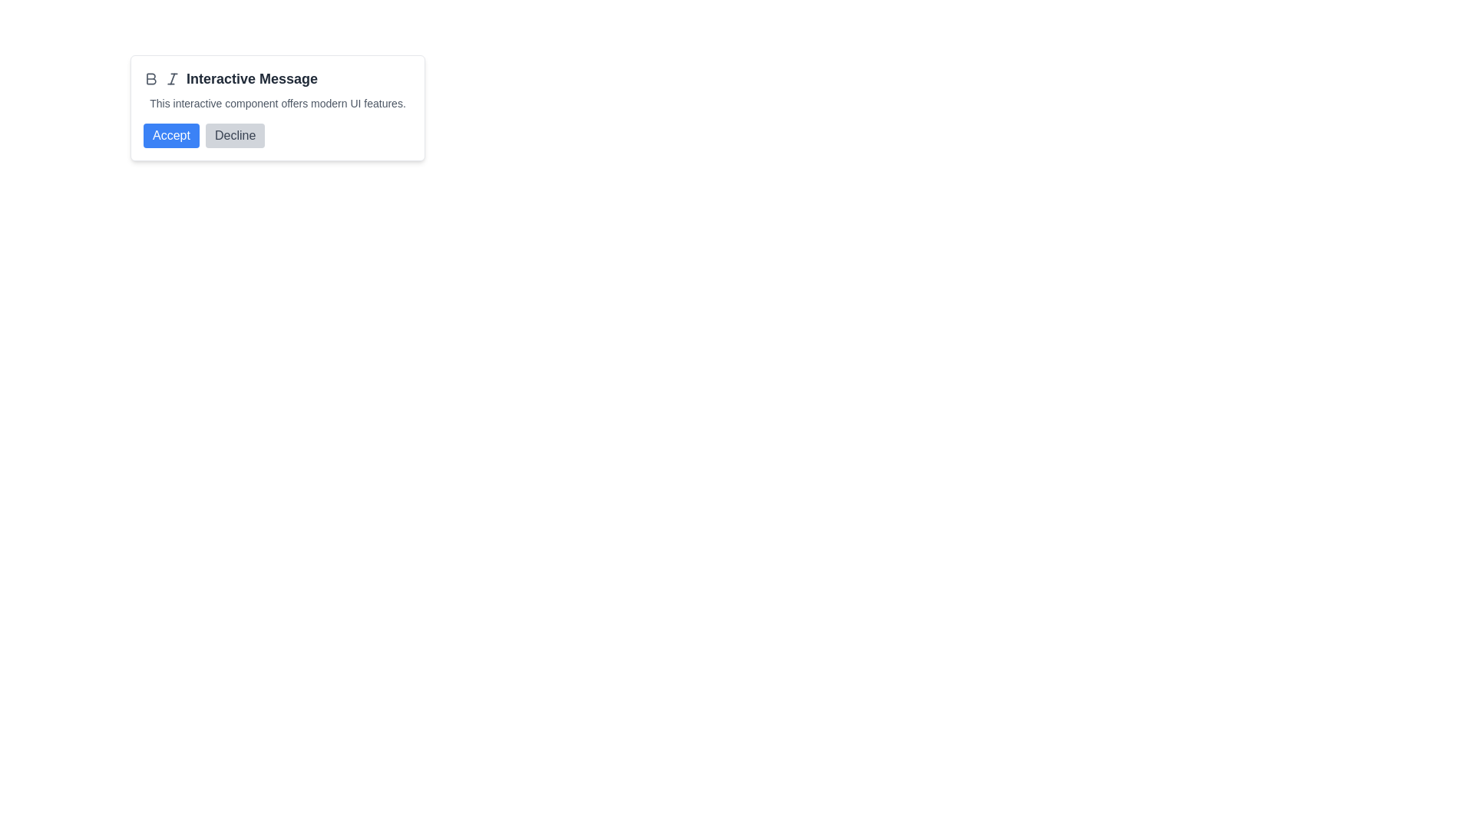  I want to click on the bold styling icon located in the upper-left section of the card, which is the first element to the left of the italic 'I' icon, so click(150, 79).